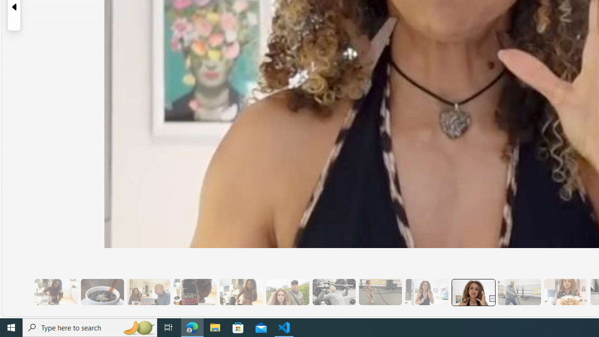 The image size is (599, 337). I want to click on '7 They Don', so click(241, 292).